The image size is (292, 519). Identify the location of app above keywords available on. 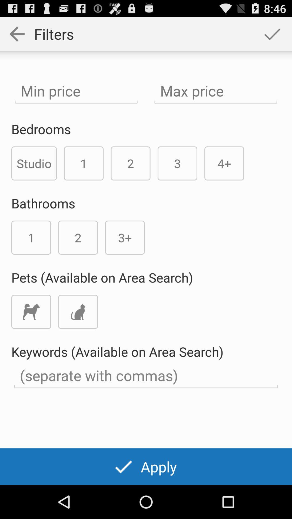
(78, 312).